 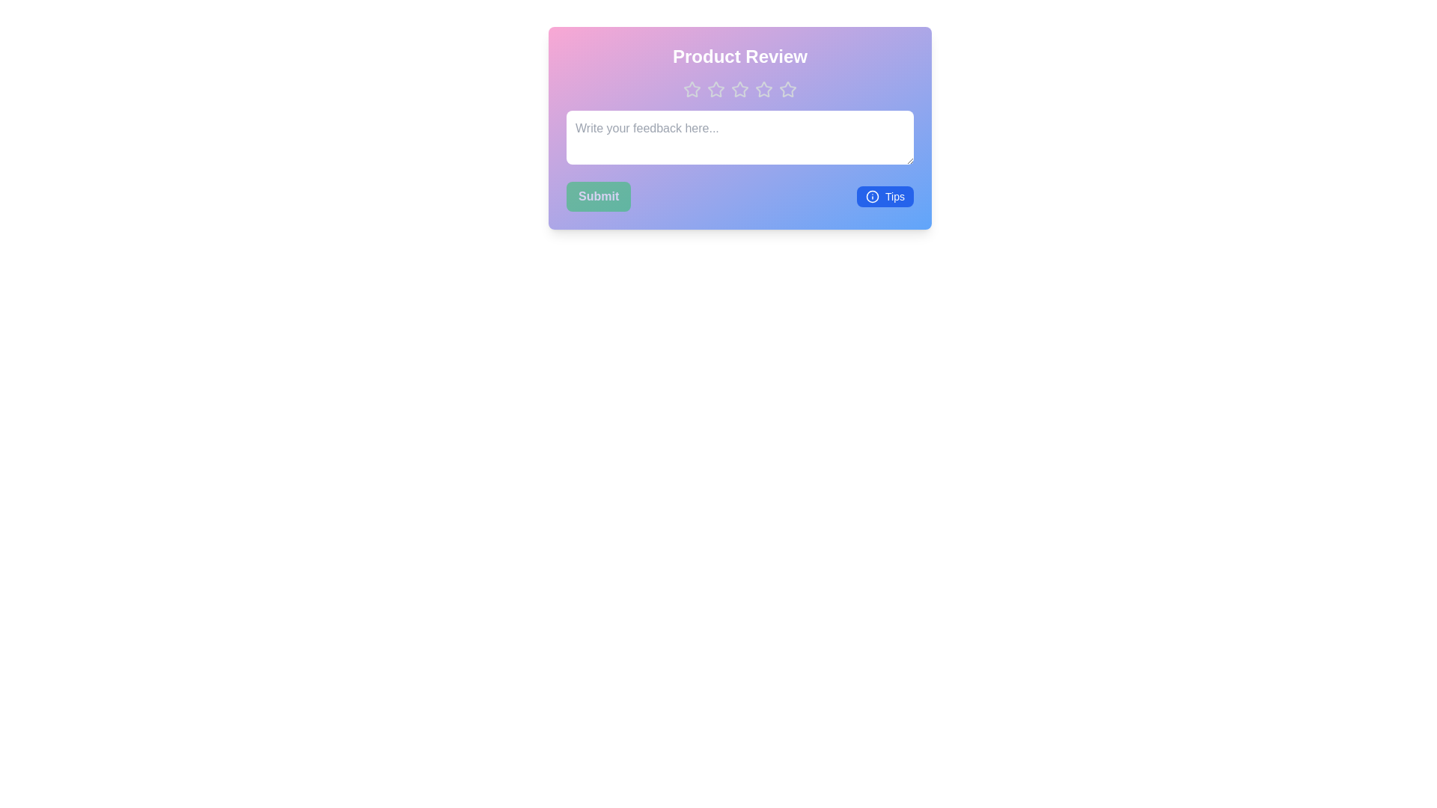 What do you see at coordinates (764, 89) in the screenshot?
I see `the star corresponding to 4 stars to set the rating` at bounding box center [764, 89].